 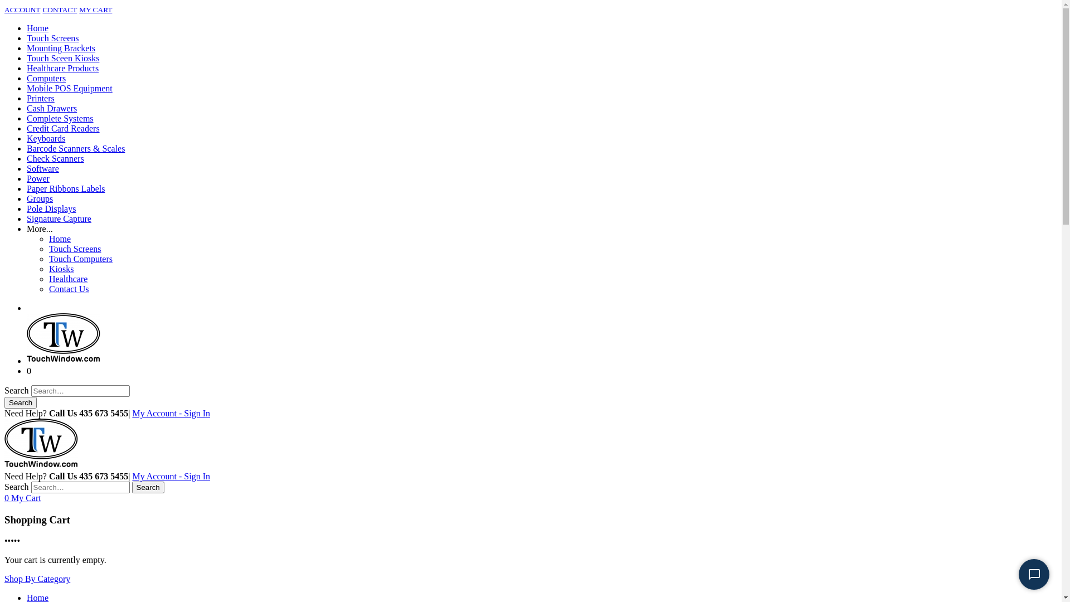 What do you see at coordinates (69, 288) in the screenshot?
I see `'Contact Us'` at bounding box center [69, 288].